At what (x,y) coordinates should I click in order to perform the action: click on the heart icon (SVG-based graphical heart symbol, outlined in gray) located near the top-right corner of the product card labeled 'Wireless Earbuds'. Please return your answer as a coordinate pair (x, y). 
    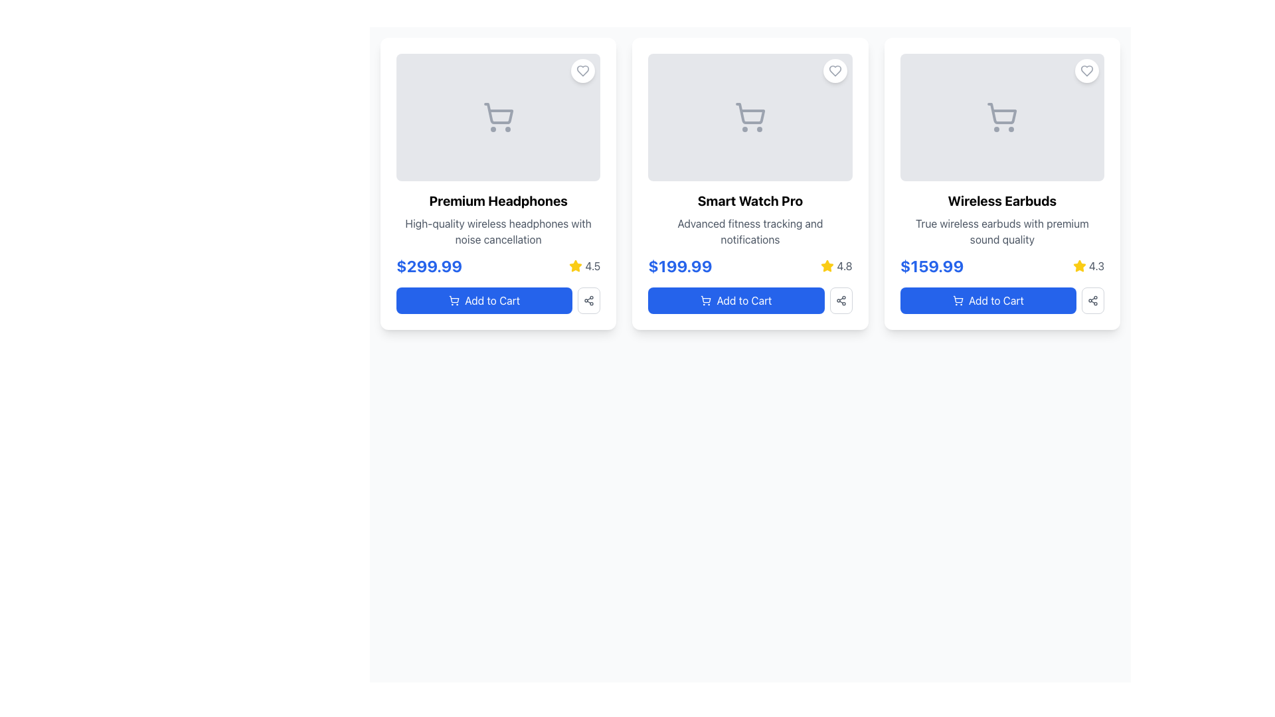
    Looking at the image, I should click on (1086, 71).